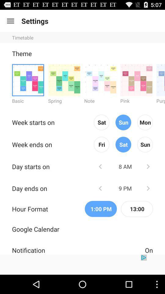 The image size is (165, 294). I want to click on open menu, so click(10, 21).